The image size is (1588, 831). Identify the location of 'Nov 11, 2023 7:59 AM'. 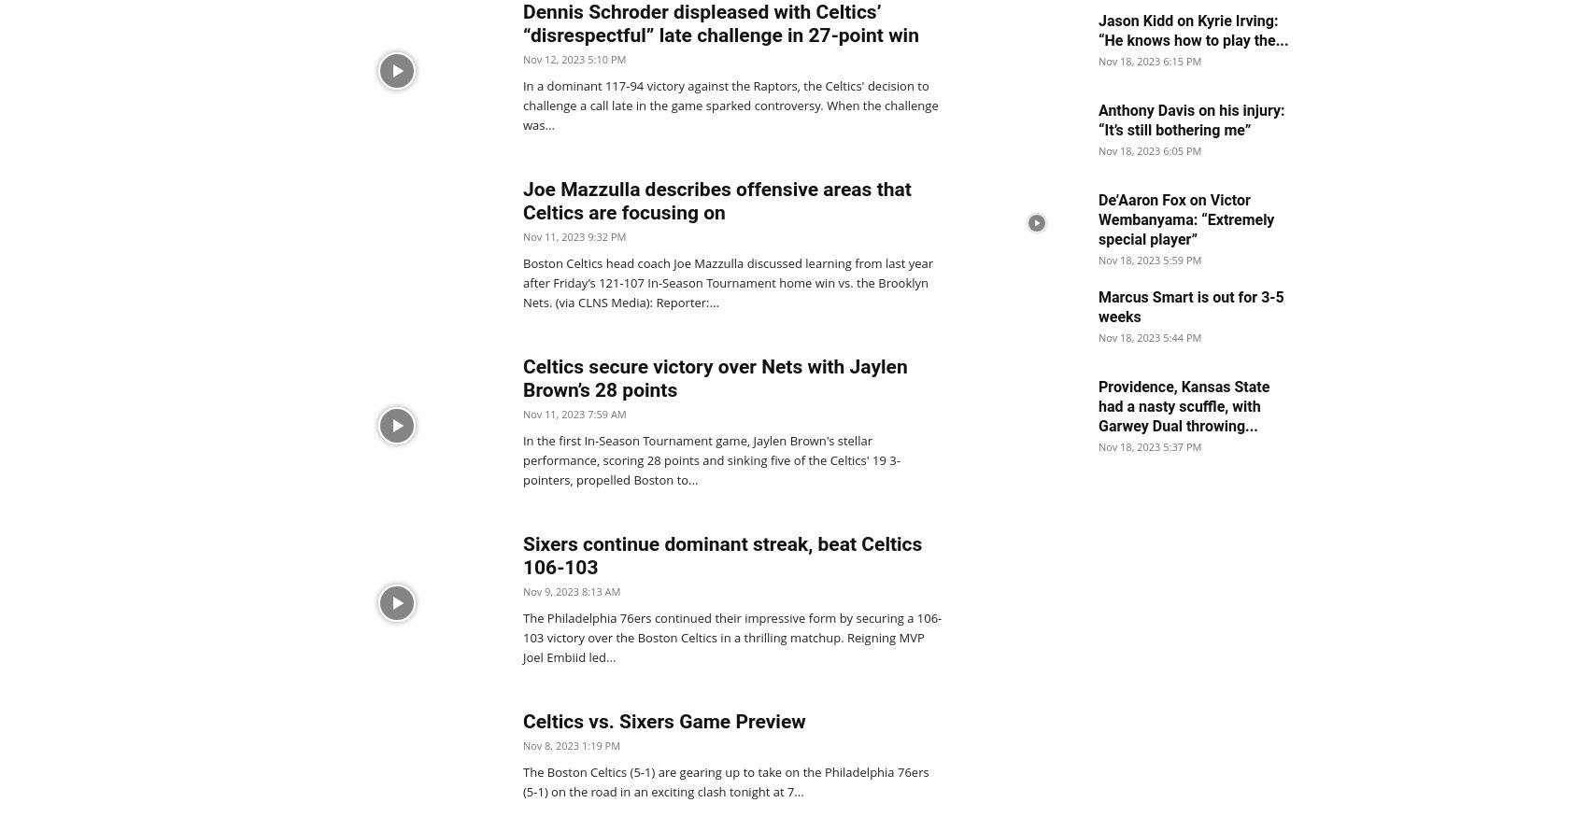
(574, 413).